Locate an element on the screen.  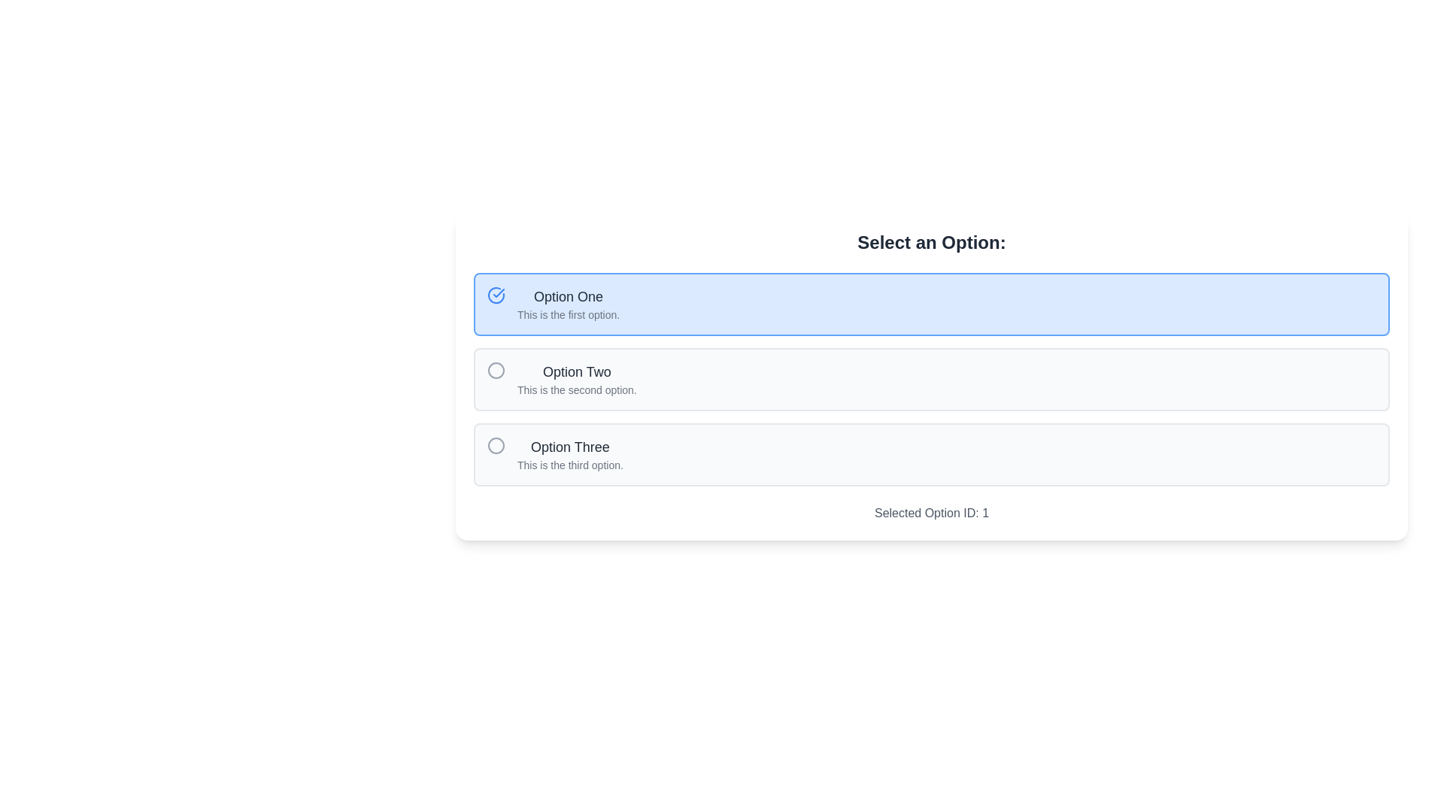
the descriptive text label located under the 'Option One' heading, which clarifies the selection's purpose is located at coordinates (568, 314).